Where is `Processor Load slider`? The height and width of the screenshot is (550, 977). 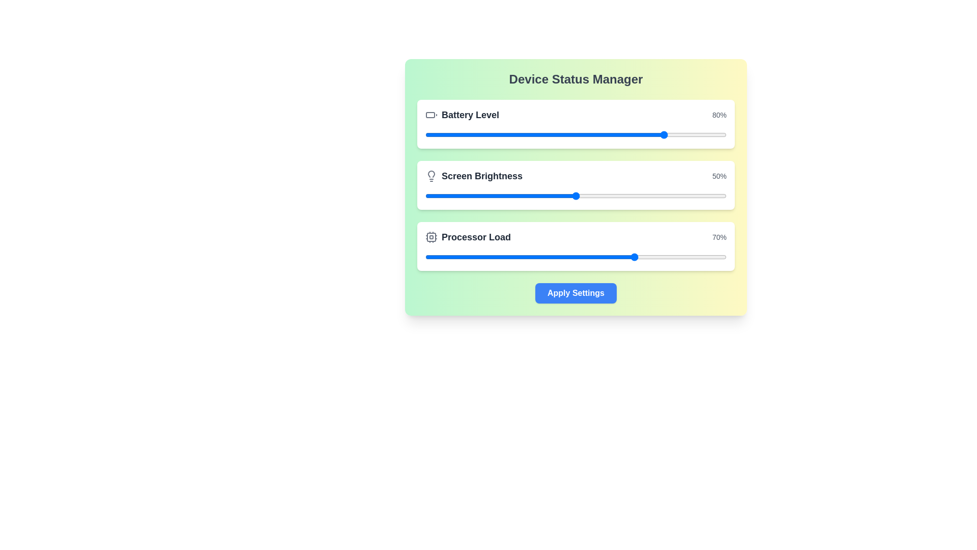
Processor Load slider is located at coordinates (503, 257).